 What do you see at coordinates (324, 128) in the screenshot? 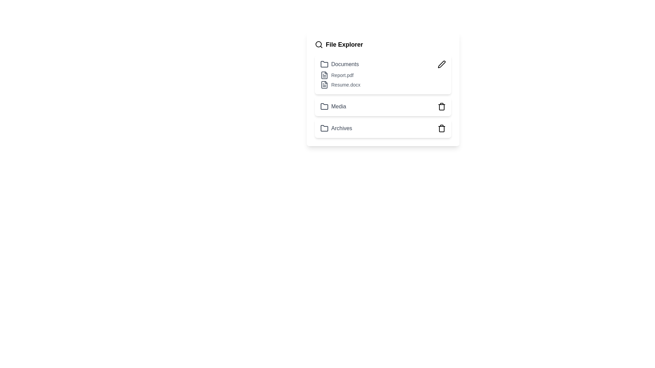
I see `the 'Archives' icon, which visually represents a folder-like entity and is the first item in its horizontal arrangement beneath 'Documents' and 'Media'` at bounding box center [324, 128].